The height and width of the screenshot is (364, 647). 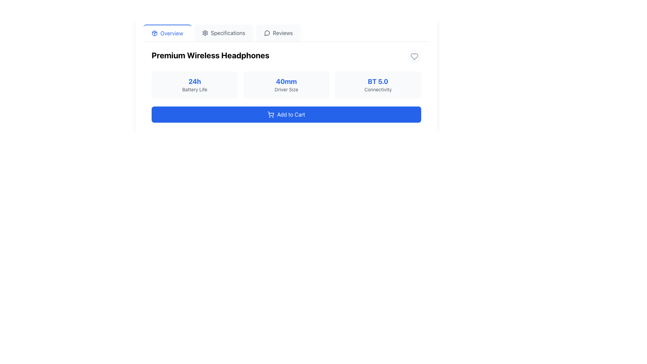 What do you see at coordinates (172, 33) in the screenshot?
I see `text label in the tab navigation located in the top-left quadrant, positioned to the right of a package icon` at bounding box center [172, 33].